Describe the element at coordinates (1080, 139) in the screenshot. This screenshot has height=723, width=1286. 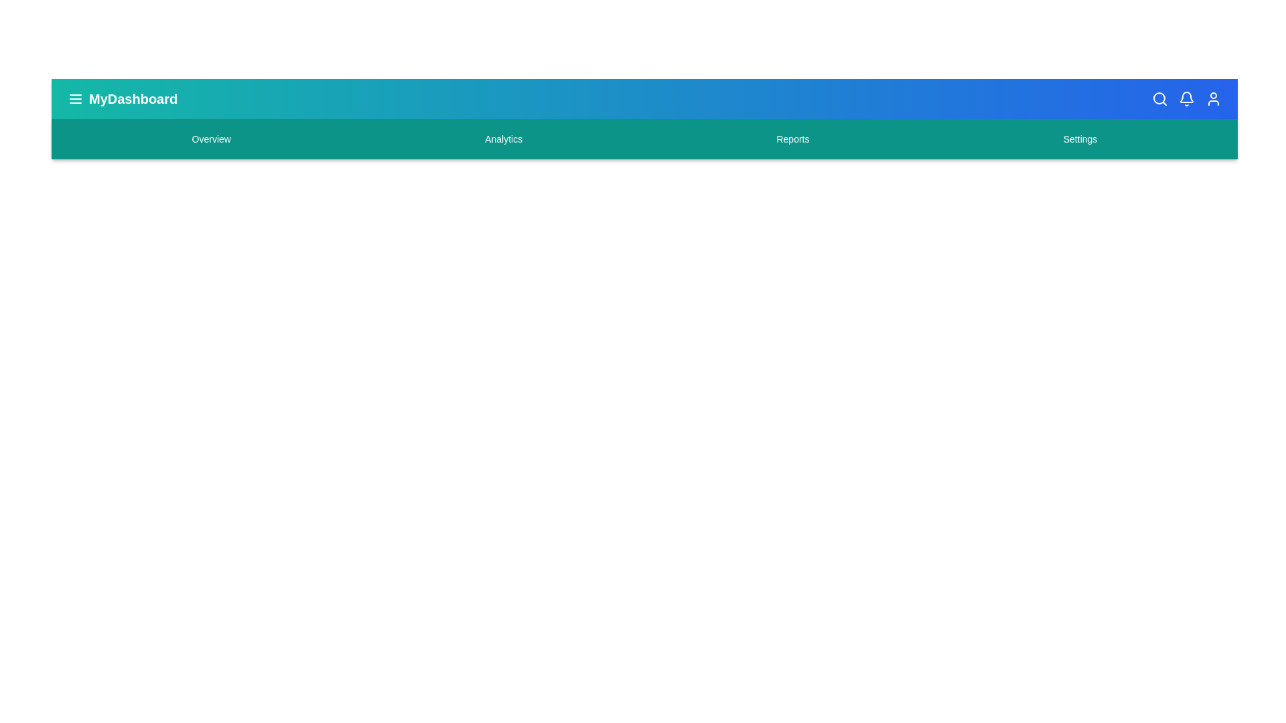
I see `the Settings navigation menu item` at that location.